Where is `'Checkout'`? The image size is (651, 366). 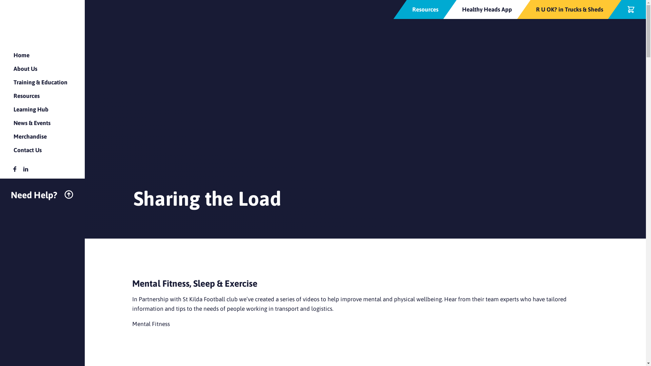 'Checkout' is located at coordinates (631, 9).